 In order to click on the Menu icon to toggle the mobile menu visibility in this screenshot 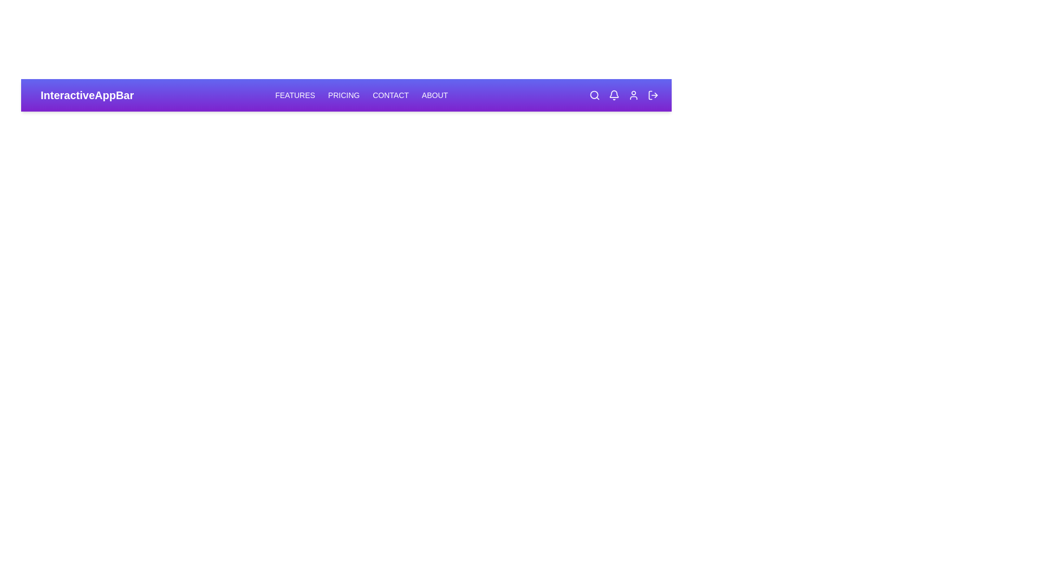, I will do `click(27, 81)`.